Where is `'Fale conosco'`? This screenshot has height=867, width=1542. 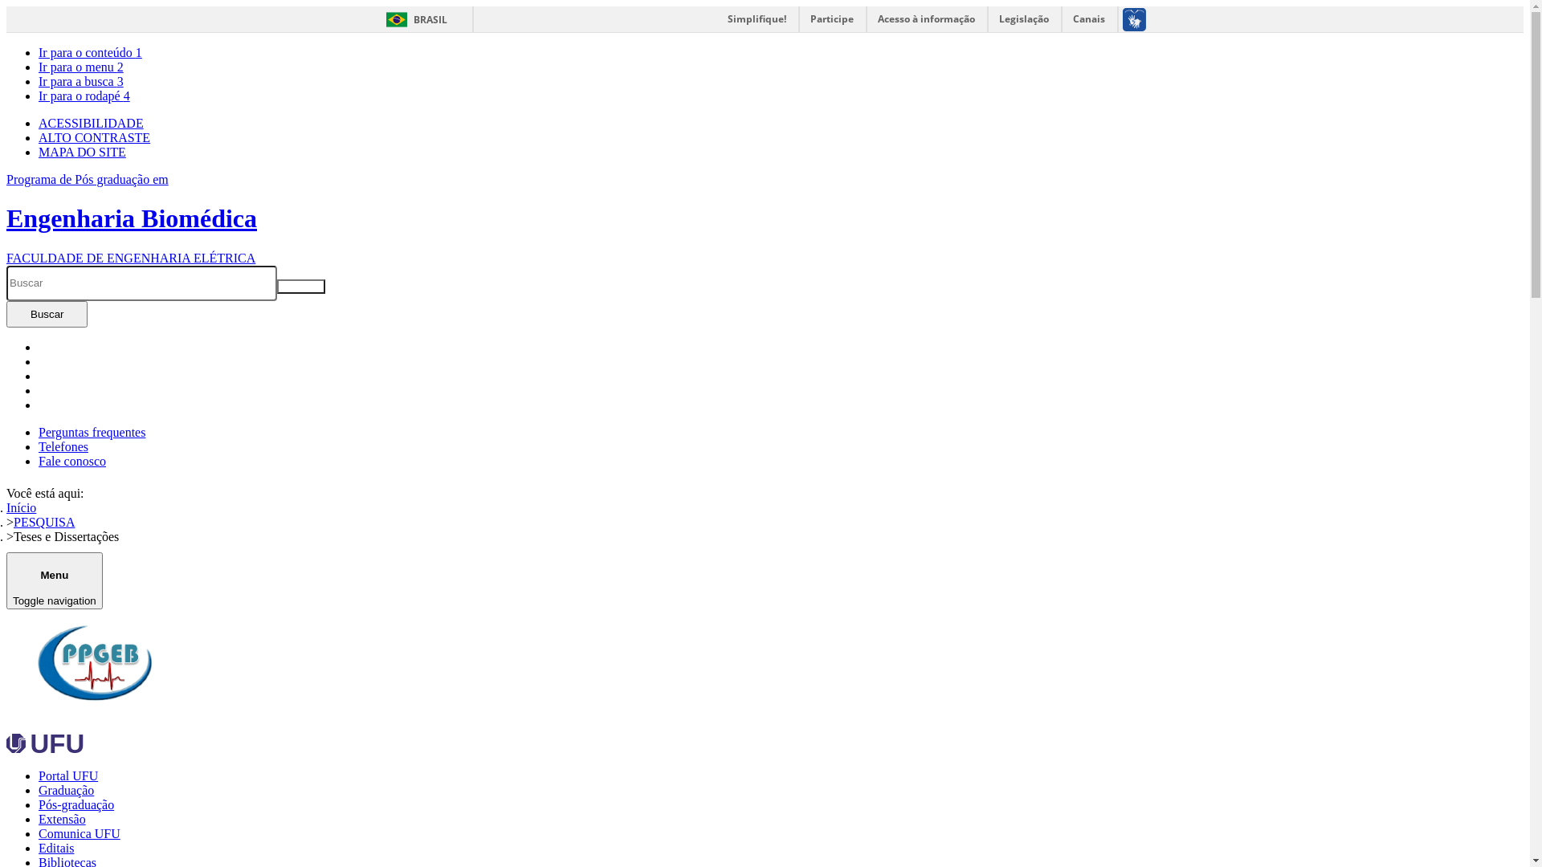
'Fale conosco' is located at coordinates (71, 461).